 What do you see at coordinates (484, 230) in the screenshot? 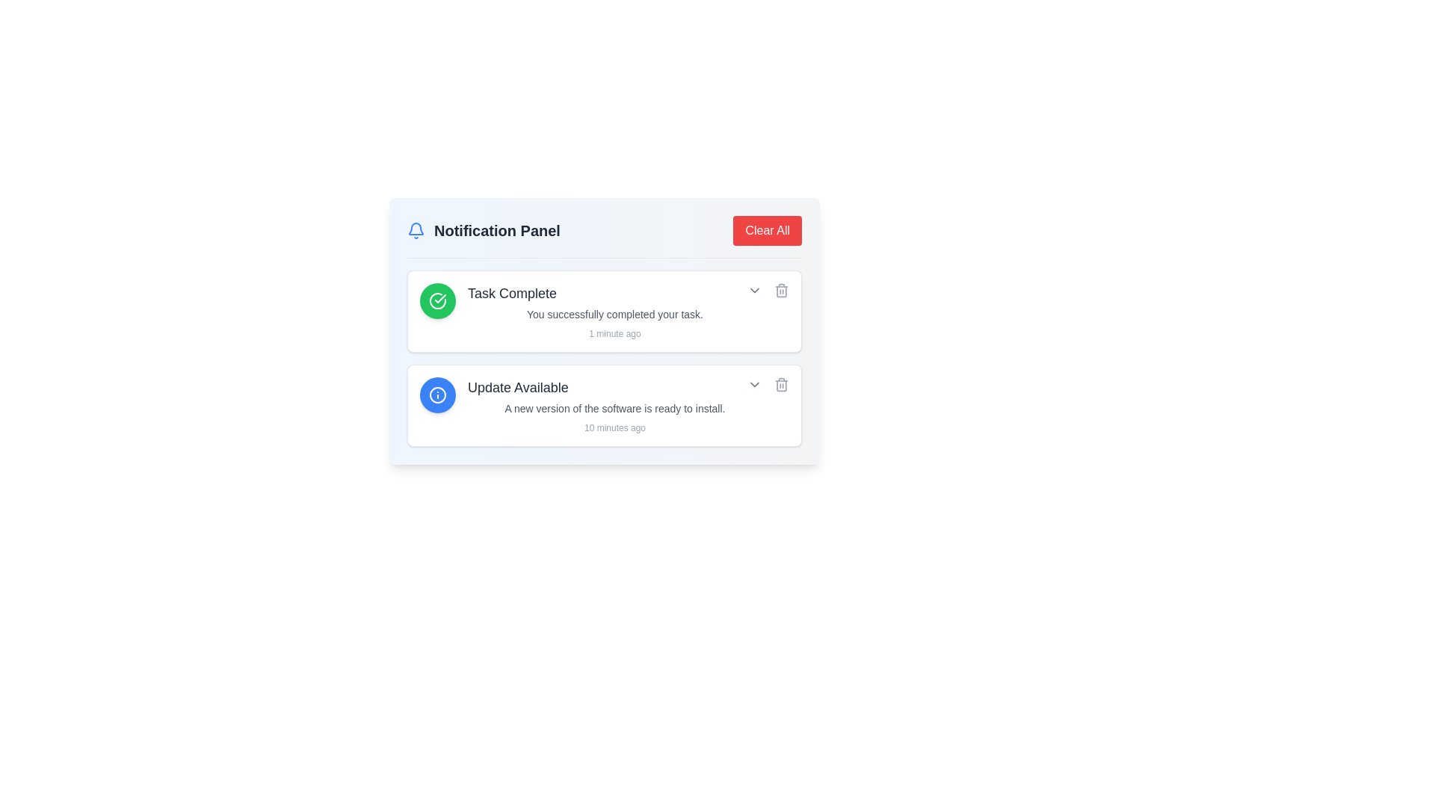
I see `the 'Notification Panel' label, which displays the text in a bold and large font, located beside a blue-colored bell icon` at bounding box center [484, 230].